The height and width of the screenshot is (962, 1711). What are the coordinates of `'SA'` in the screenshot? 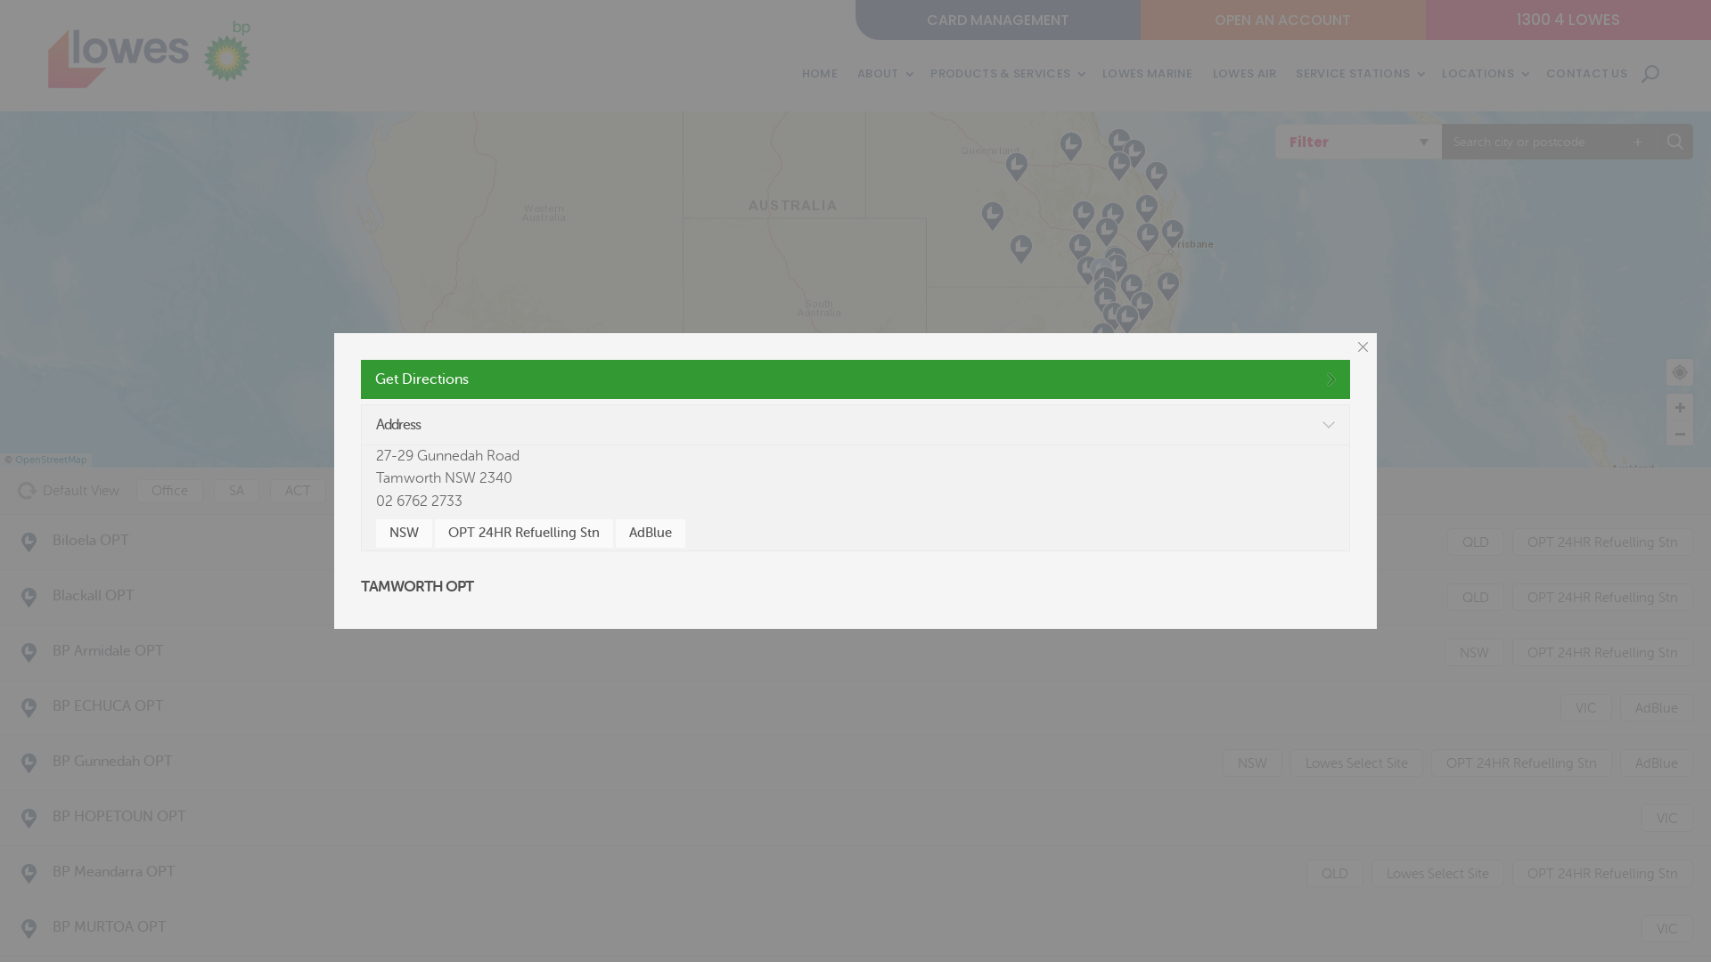 It's located at (235, 491).